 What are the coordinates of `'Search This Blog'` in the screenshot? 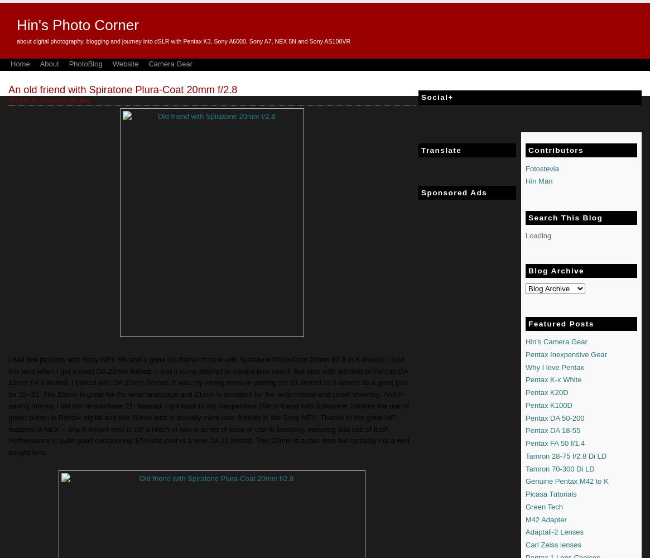 It's located at (565, 218).